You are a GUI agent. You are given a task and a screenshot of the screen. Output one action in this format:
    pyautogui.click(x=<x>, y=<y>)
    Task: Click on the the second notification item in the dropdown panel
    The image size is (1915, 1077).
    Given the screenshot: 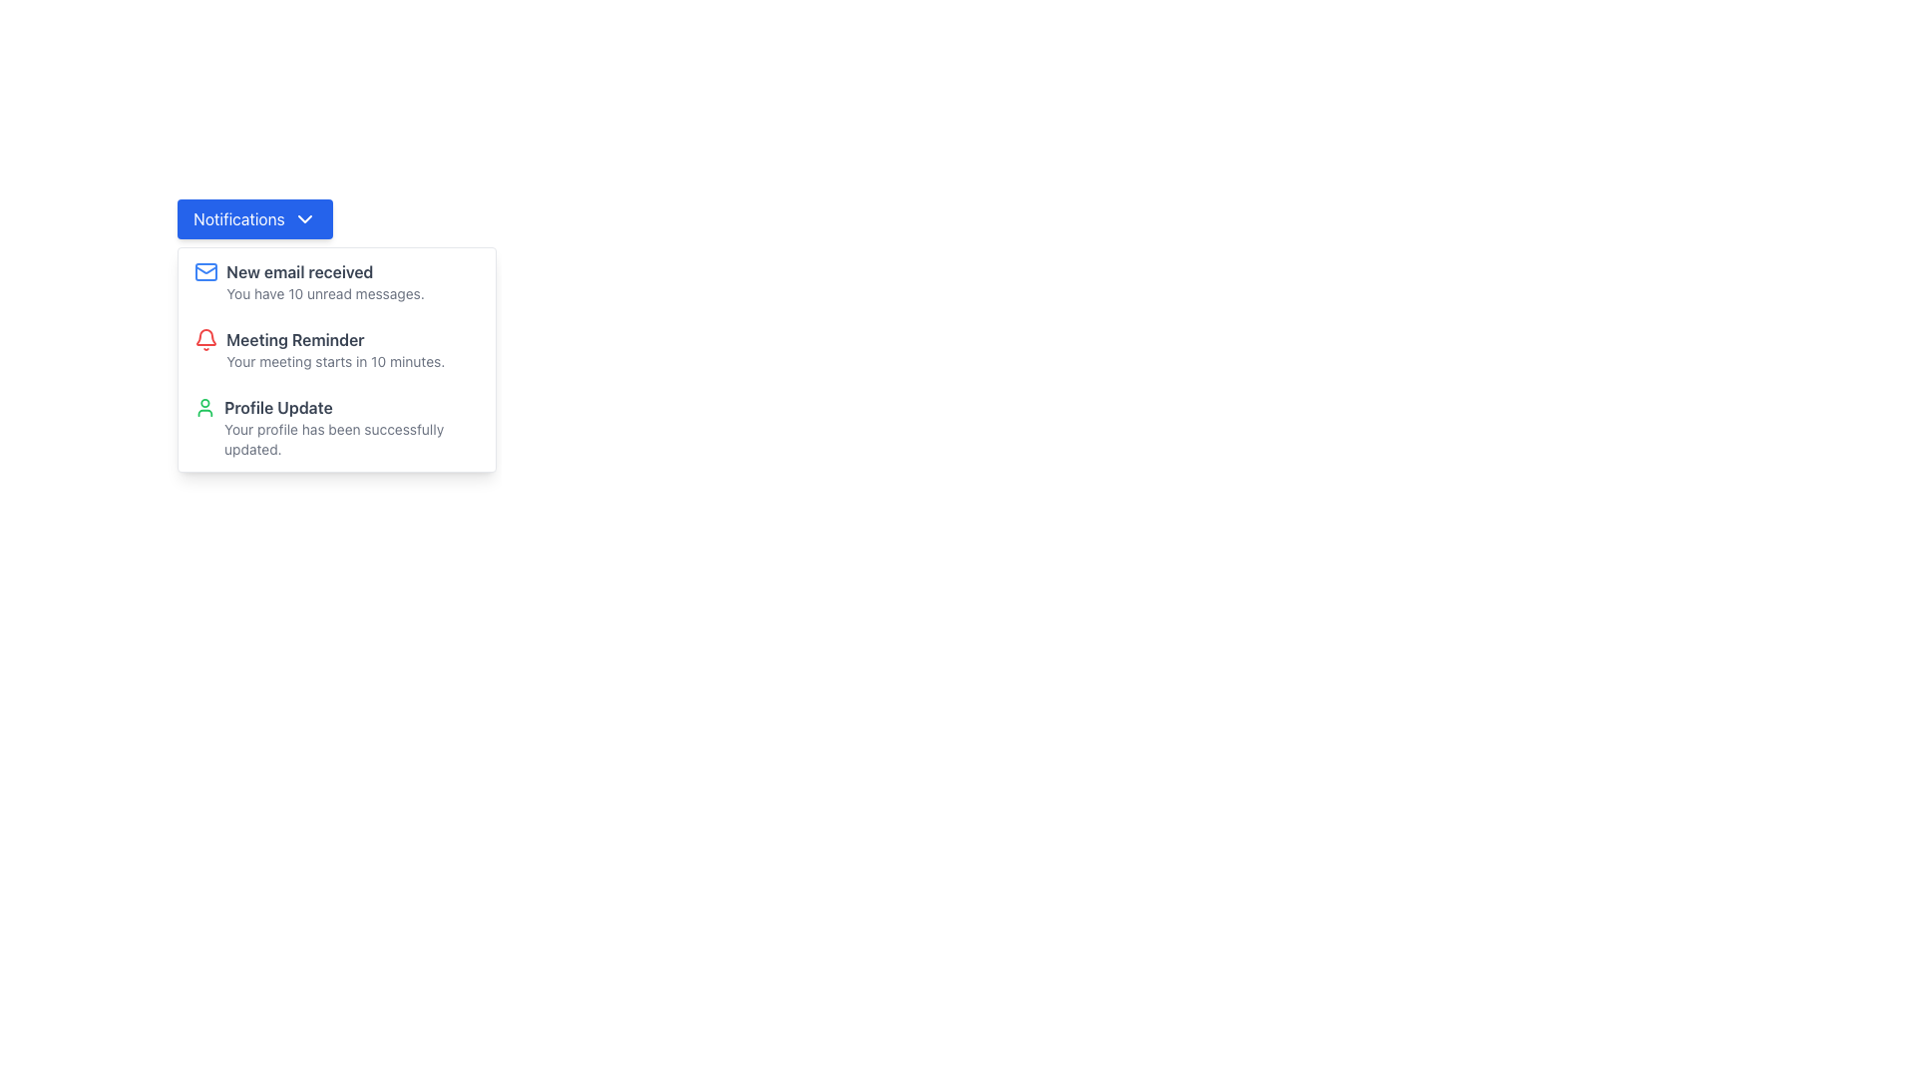 What is the action you would take?
    pyautogui.click(x=335, y=349)
    